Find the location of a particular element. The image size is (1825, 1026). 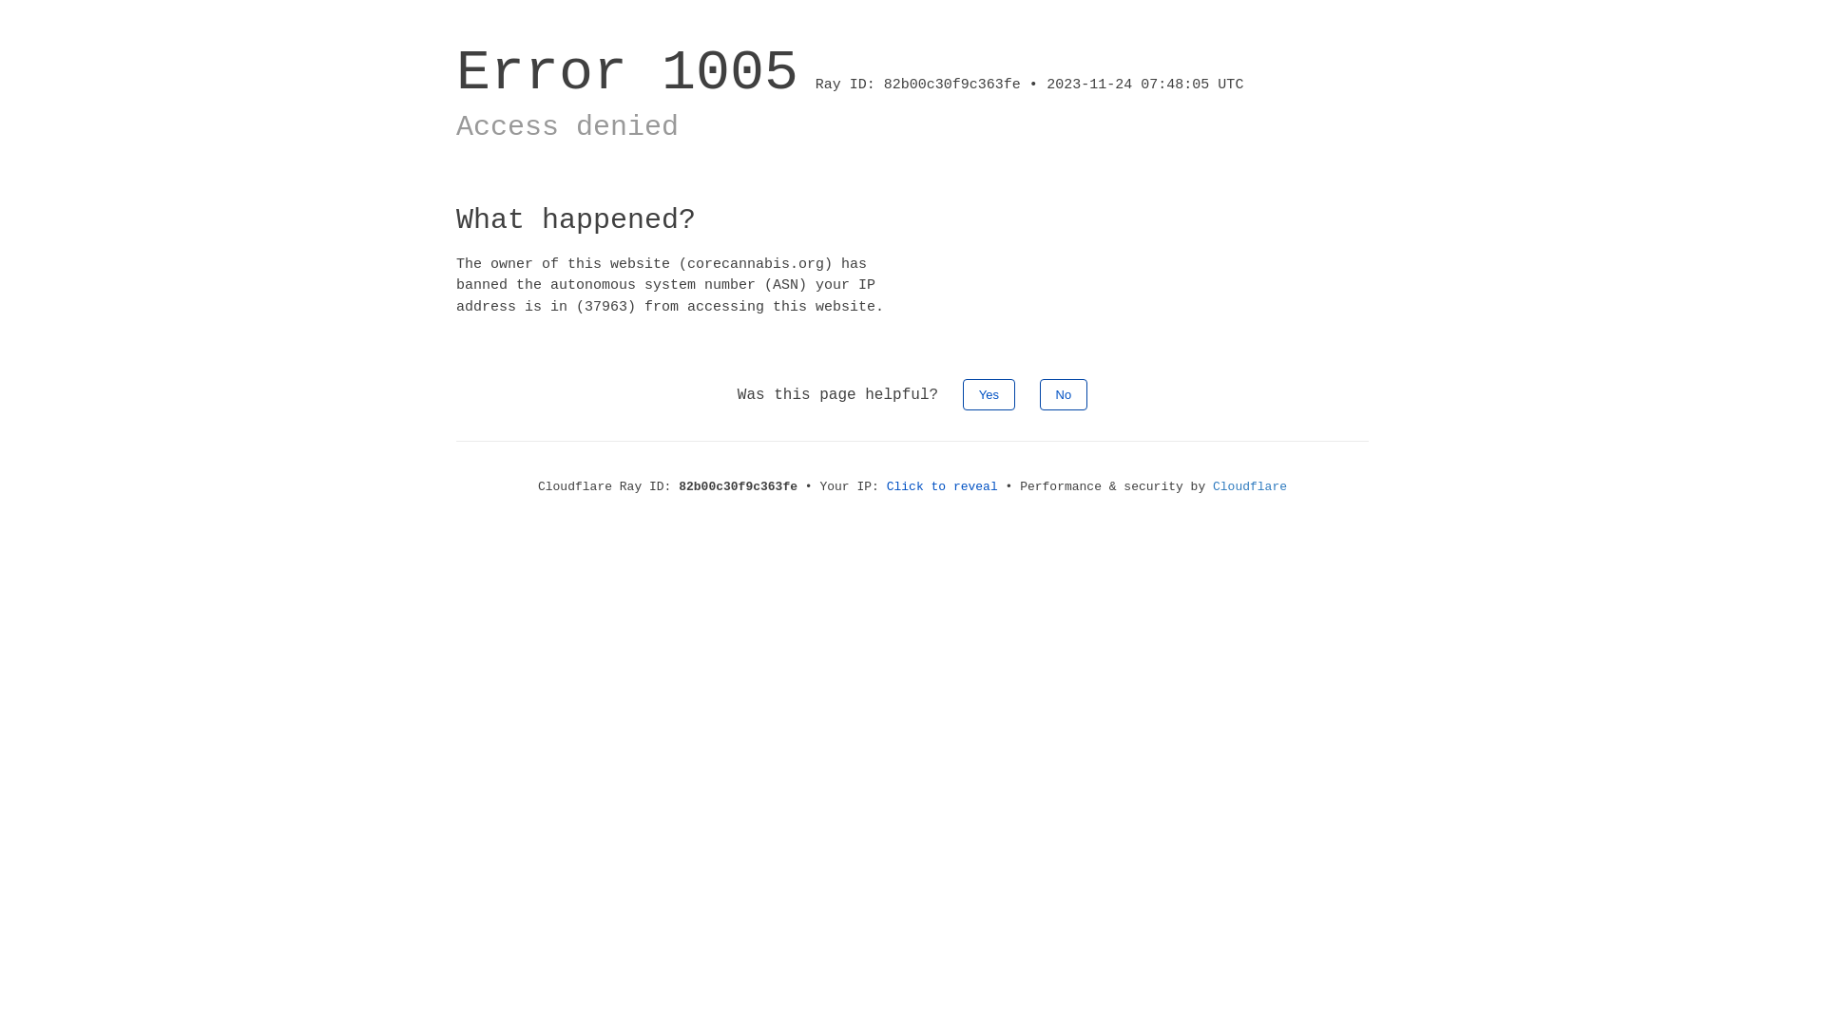

'Yes' is located at coordinates (989, 393).